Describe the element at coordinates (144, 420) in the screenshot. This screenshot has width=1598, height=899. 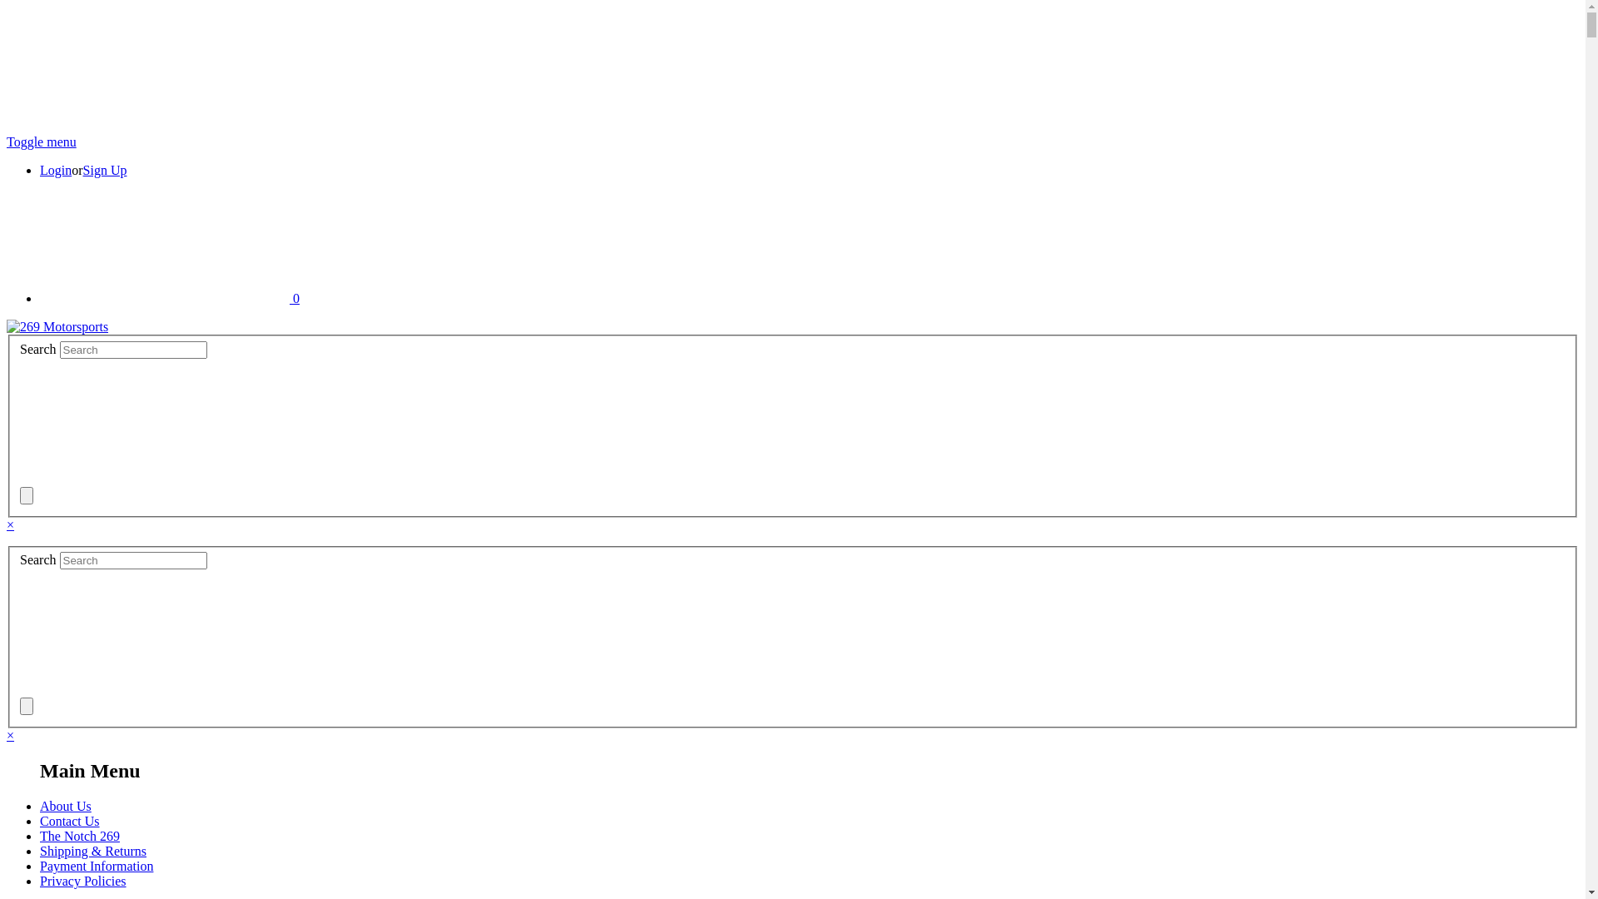
I see `'submit'` at that location.